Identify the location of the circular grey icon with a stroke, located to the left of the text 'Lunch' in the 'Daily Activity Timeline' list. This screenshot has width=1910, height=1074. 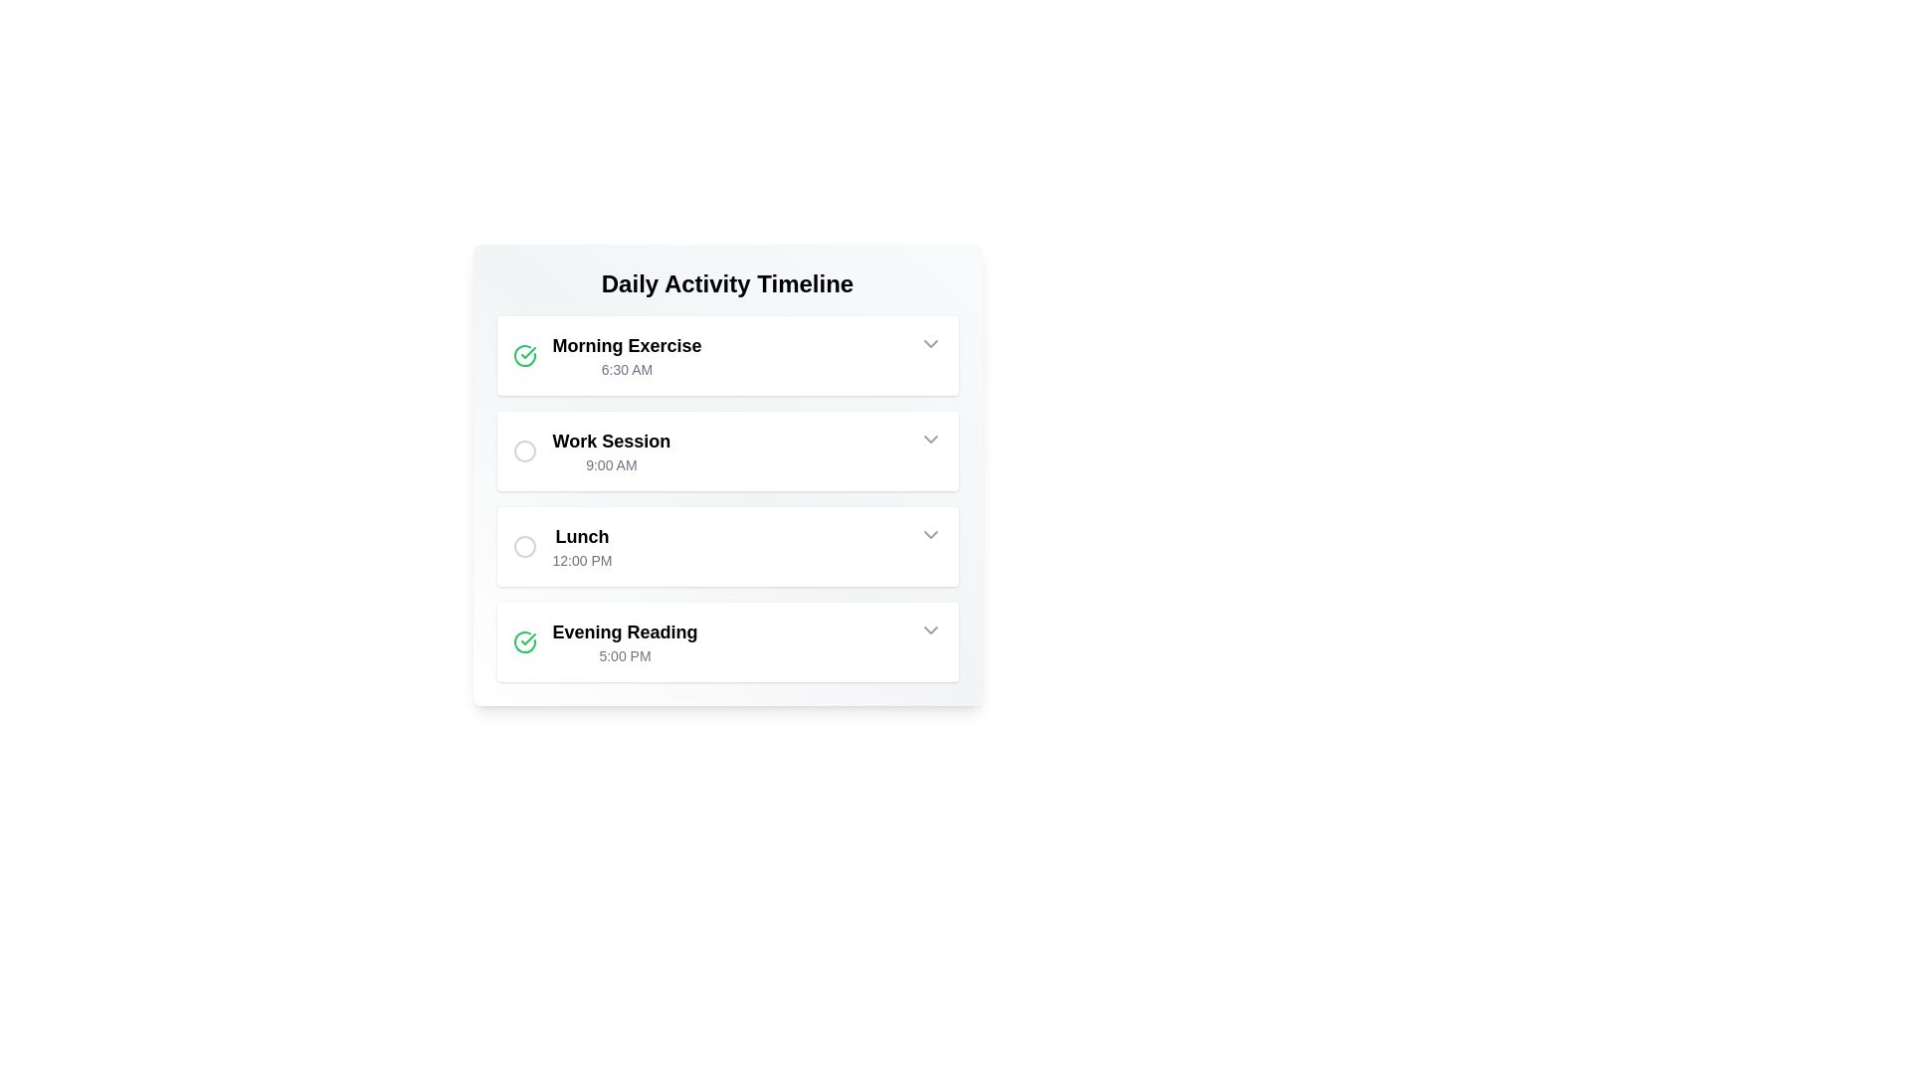
(524, 547).